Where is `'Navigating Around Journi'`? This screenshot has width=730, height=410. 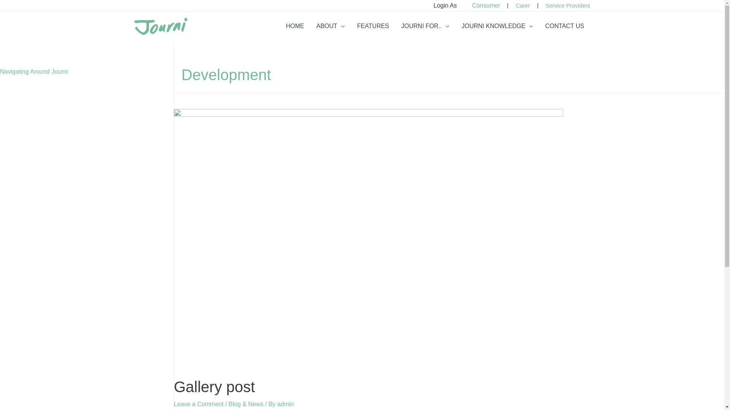
'Navigating Around Journi' is located at coordinates (33, 71).